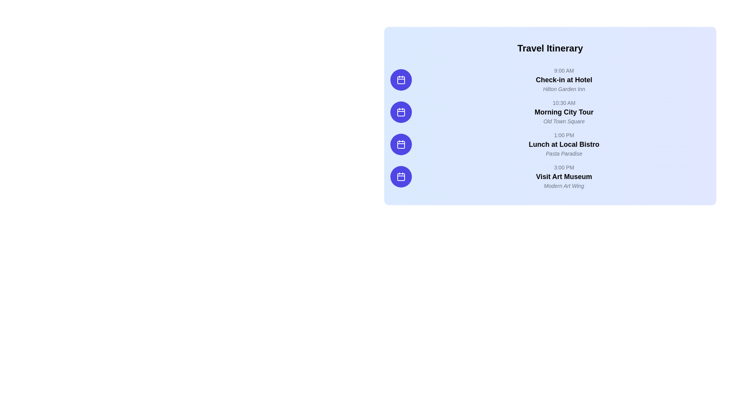 This screenshot has height=415, width=737. What do you see at coordinates (564, 121) in the screenshot?
I see `the italicized gray text label displaying 'Old Town Square', which is located beneath 'Morning City Tour' and is styled in a smaller font size` at bounding box center [564, 121].